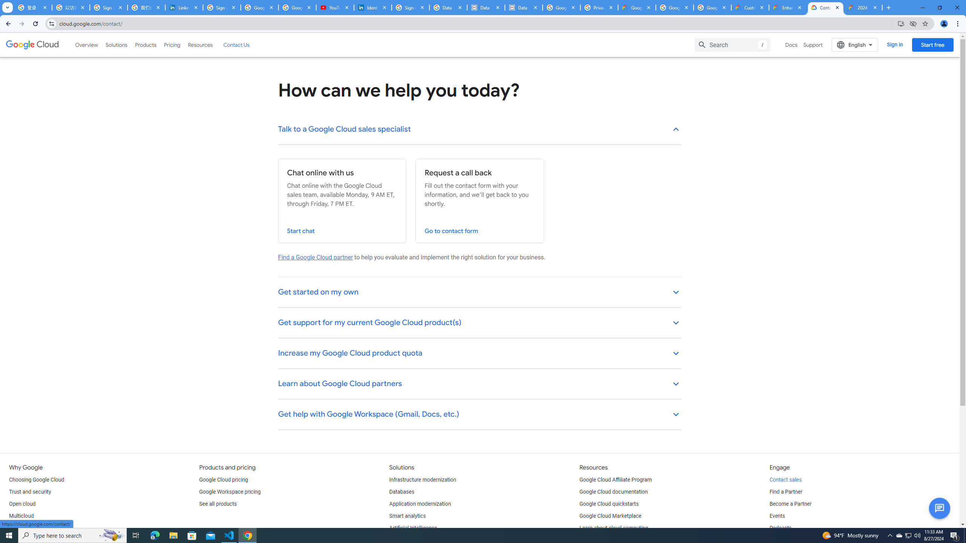 This screenshot has height=543, width=966. I want to click on 'Pricing', so click(172, 44).